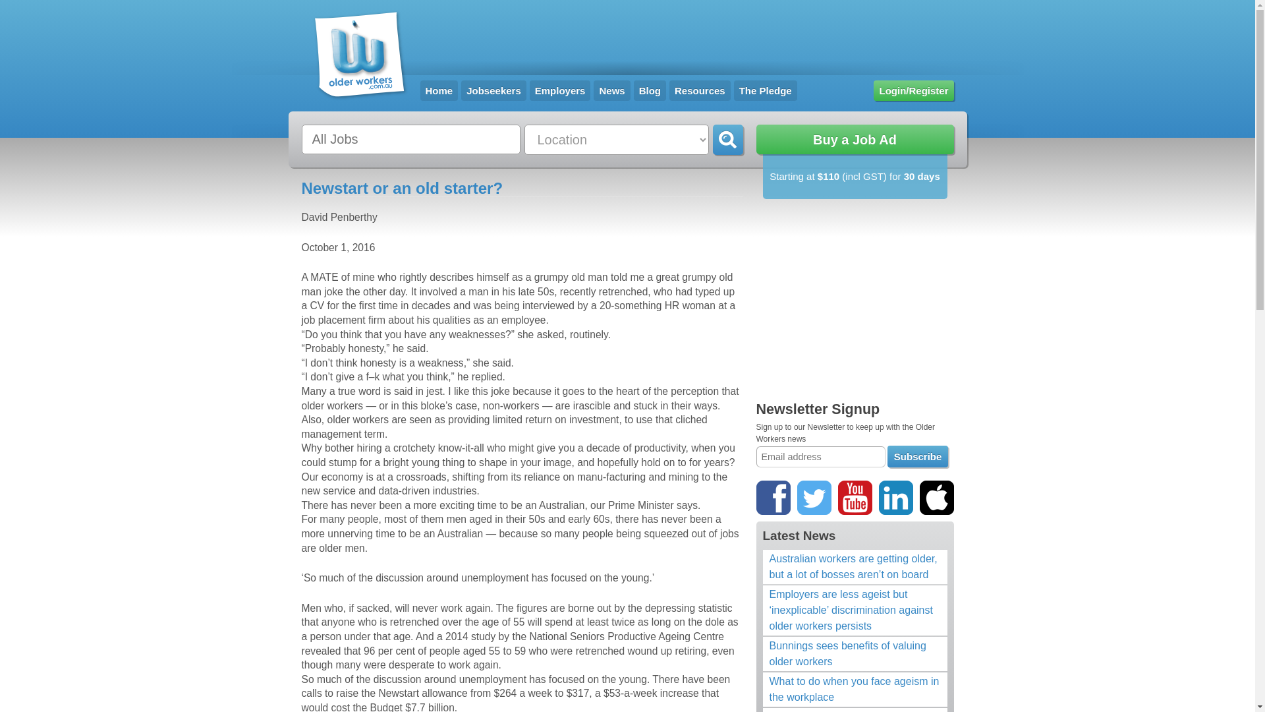 The image size is (1265, 712). Describe the element at coordinates (727, 140) in the screenshot. I see `'Go'` at that location.